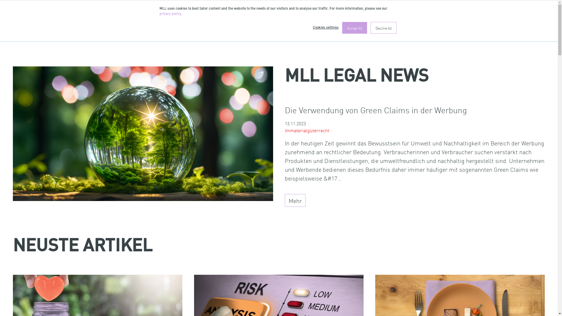 This screenshot has height=316, width=562. What do you see at coordinates (169, 13) in the screenshot?
I see `'privacy policy'` at bounding box center [169, 13].